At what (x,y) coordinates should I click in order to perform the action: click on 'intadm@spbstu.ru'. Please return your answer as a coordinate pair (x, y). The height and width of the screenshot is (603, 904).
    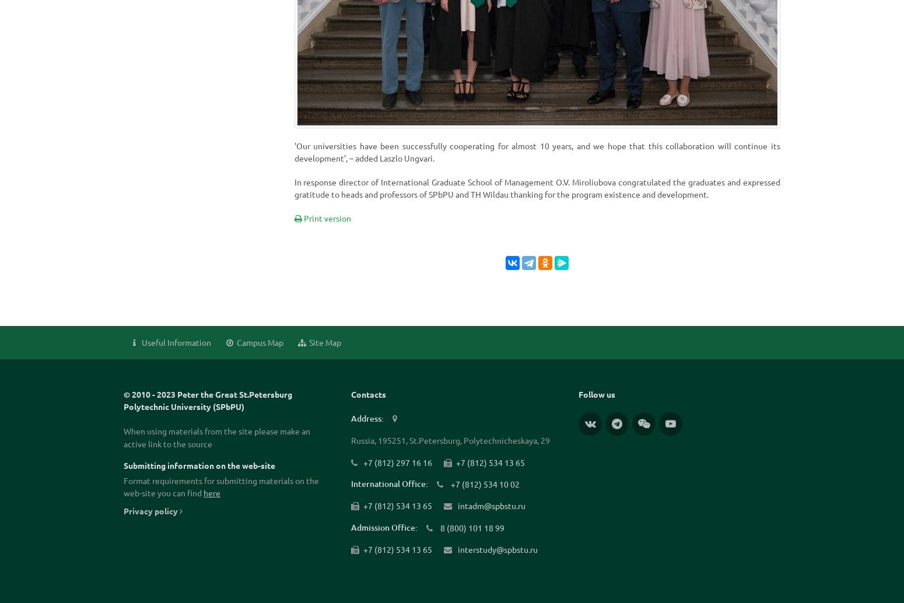
    Looking at the image, I should click on (456, 506).